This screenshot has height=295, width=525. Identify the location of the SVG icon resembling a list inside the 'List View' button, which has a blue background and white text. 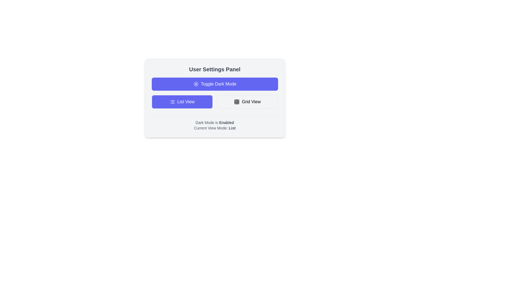
(172, 102).